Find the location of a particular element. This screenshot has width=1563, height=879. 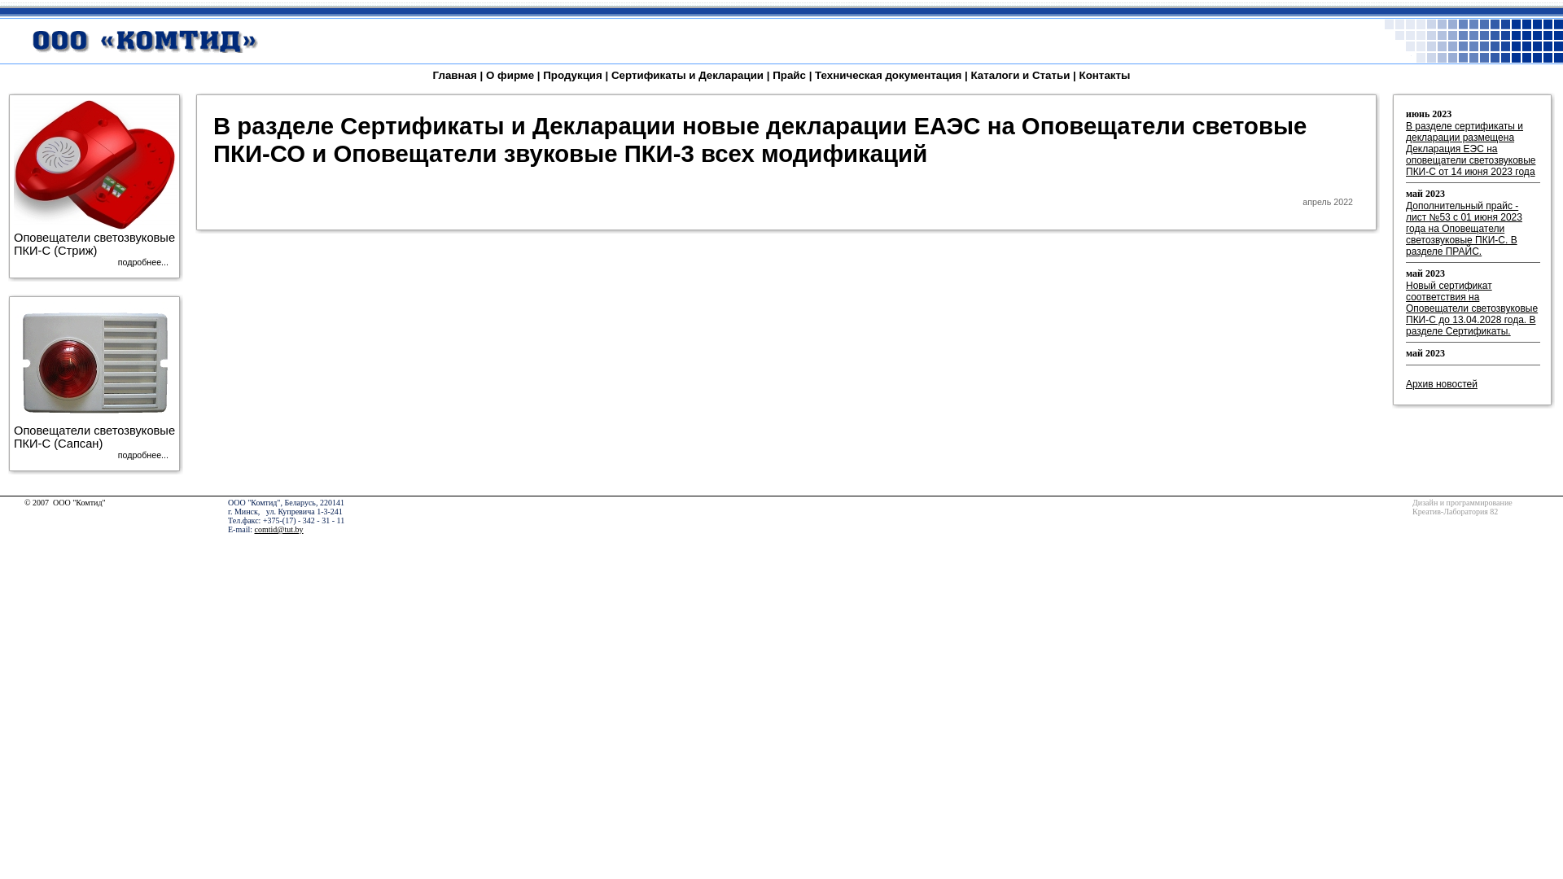

'comtid@tut.by' is located at coordinates (253, 529).